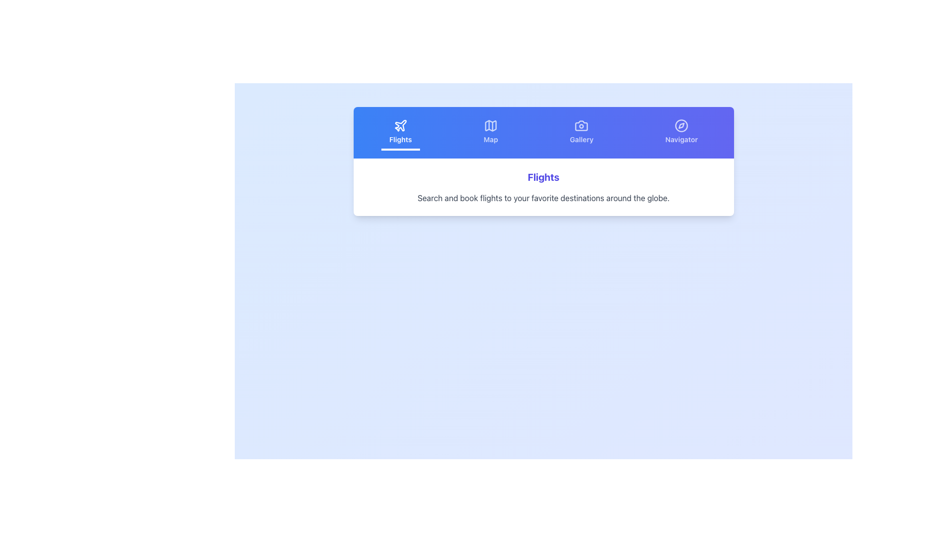 The height and width of the screenshot is (535, 951). What do you see at coordinates (681, 139) in the screenshot?
I see `the text label reading 'Navigator' located beneath the compass icon in the navigation menu at the top of the interface` at bounding box center [681, 139].